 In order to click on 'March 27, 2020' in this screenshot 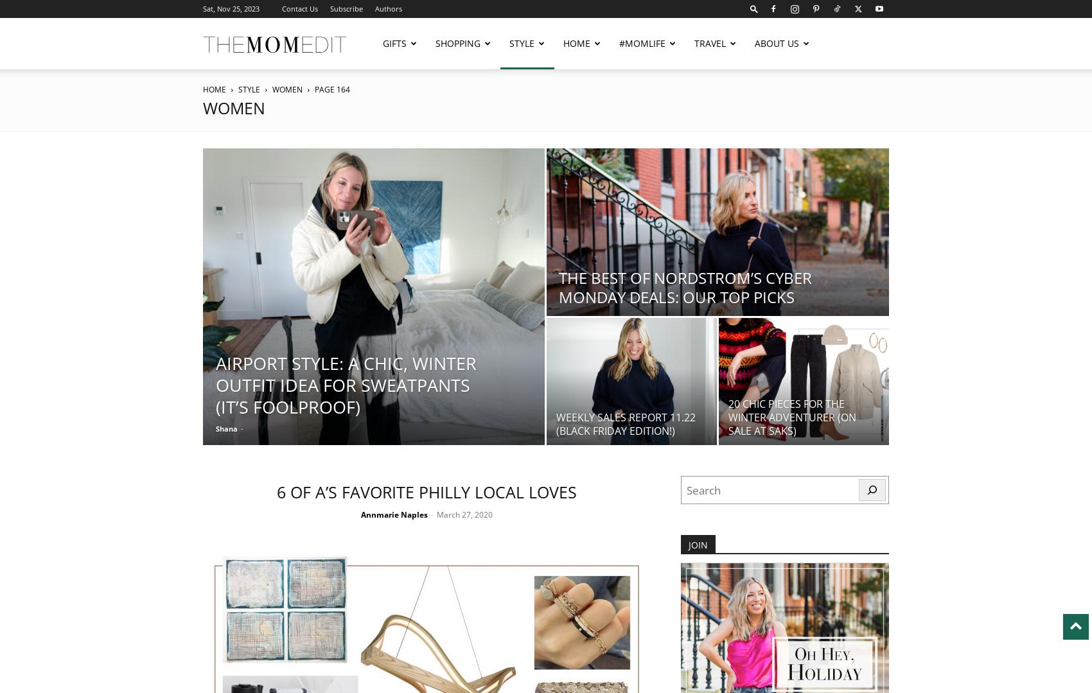, I will do `click(464, 514)`.